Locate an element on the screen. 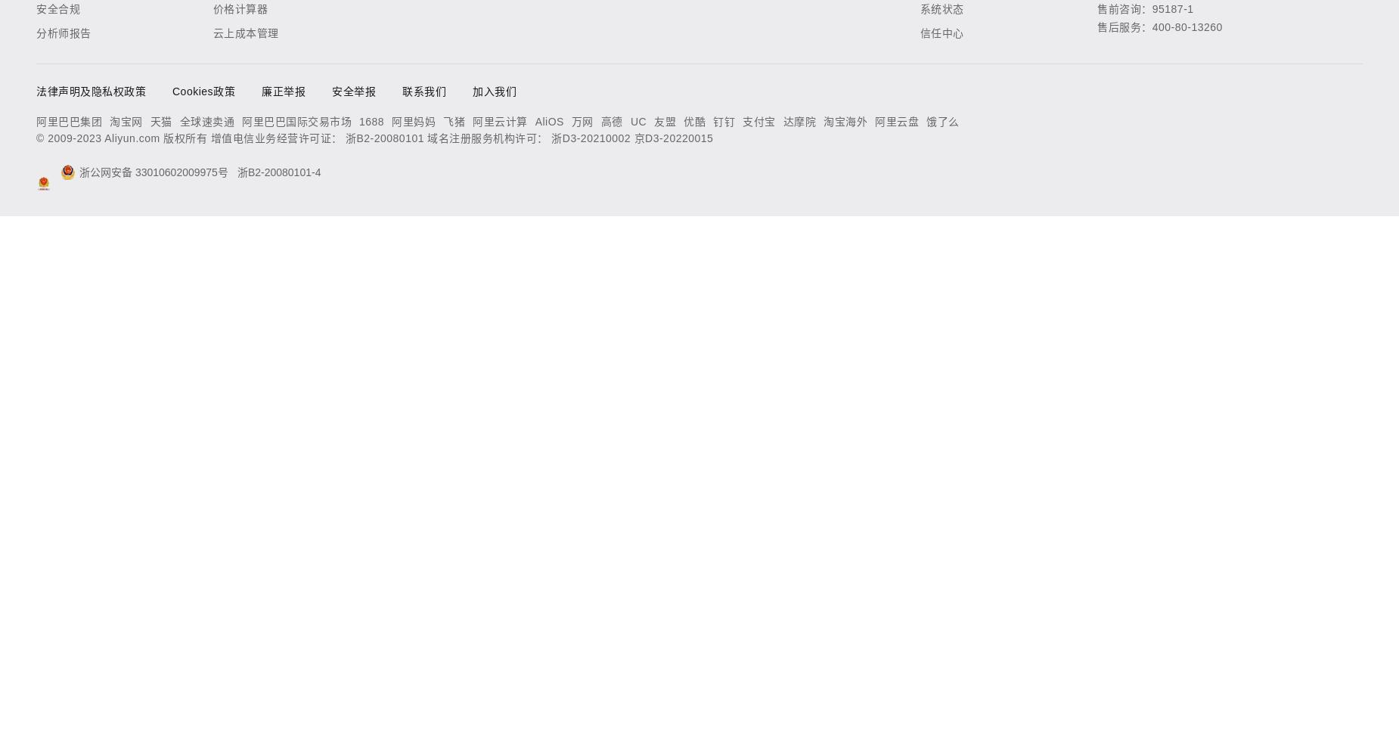  '浙D3-20210002' is located at coordinates (591, 138).